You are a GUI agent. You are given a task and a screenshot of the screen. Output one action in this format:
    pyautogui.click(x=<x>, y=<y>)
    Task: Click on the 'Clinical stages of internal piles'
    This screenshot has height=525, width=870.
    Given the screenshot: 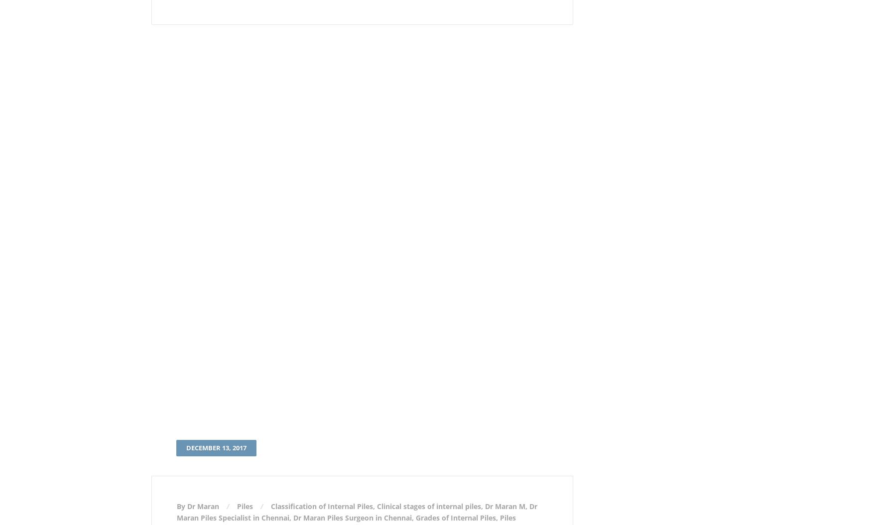 What is the action you would take?
    pyautogui.click(x=428, y=506)
    